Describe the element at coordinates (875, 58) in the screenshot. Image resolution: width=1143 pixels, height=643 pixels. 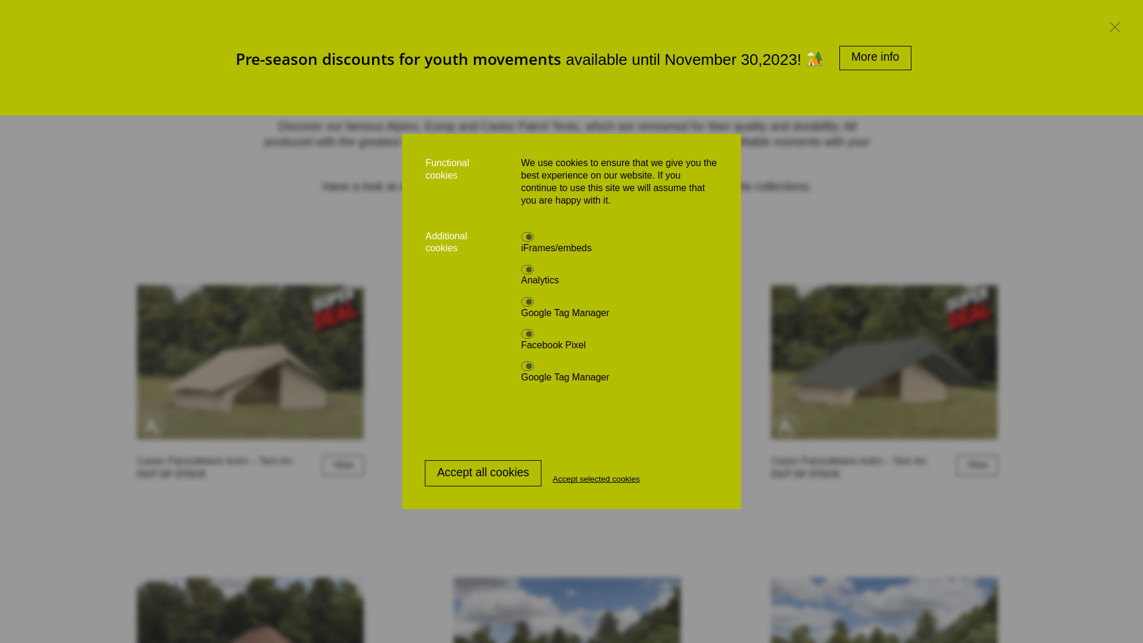
I see `'More info'` at that location.